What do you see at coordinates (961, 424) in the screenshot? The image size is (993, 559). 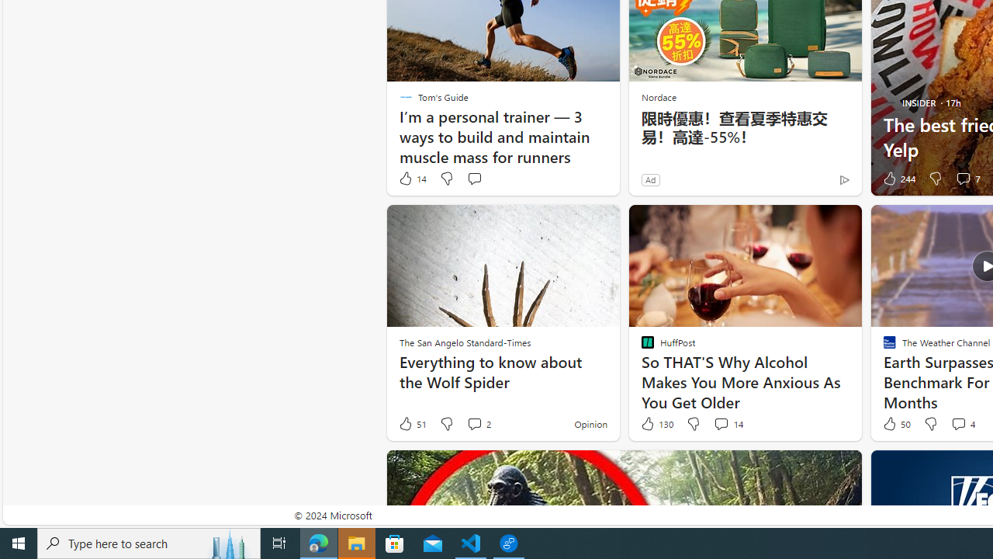 I see `'View comments 4 Comment'` at bounding box center [961, 424].